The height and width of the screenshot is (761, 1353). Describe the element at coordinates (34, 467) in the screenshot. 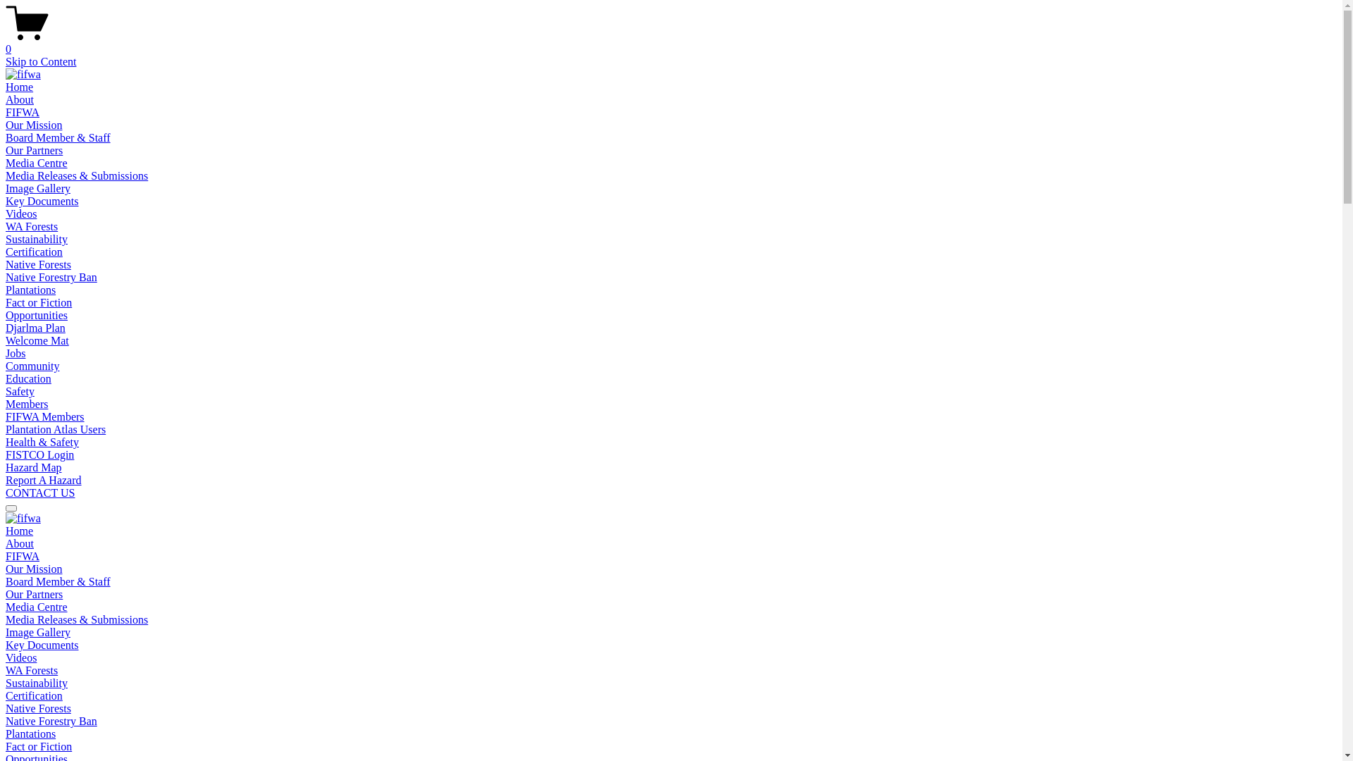

I see `'Hazard Map'` at that location.